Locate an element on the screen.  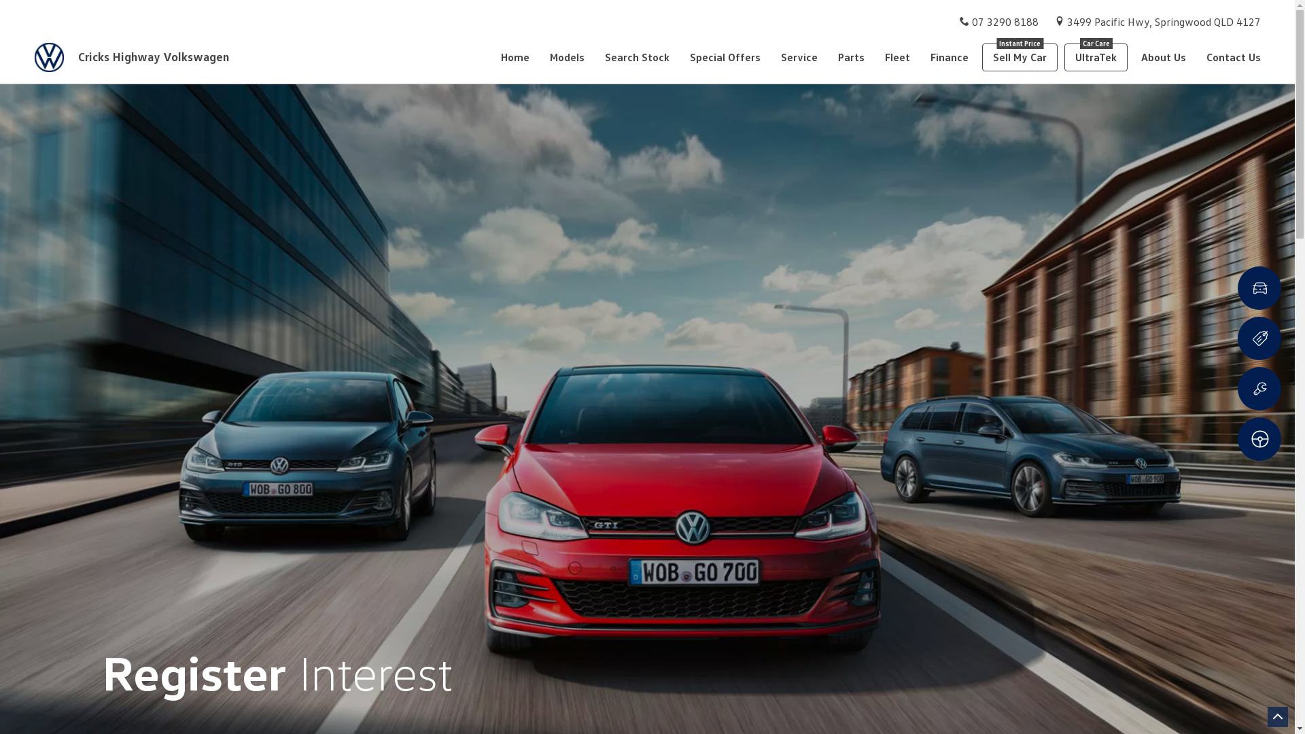
'Parts' is located at coordinates (850, 56).